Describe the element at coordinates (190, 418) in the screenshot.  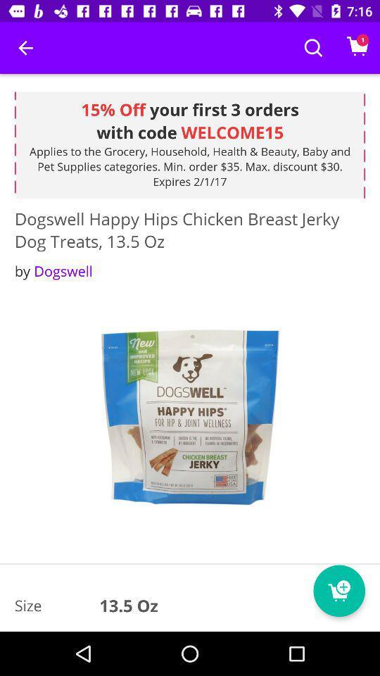
I see `this item` at that location.